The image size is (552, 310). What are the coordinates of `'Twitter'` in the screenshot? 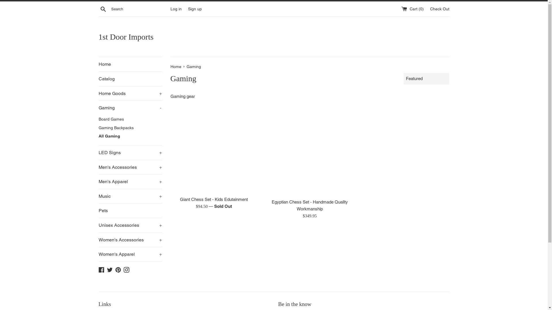 It's located at (110, 269).